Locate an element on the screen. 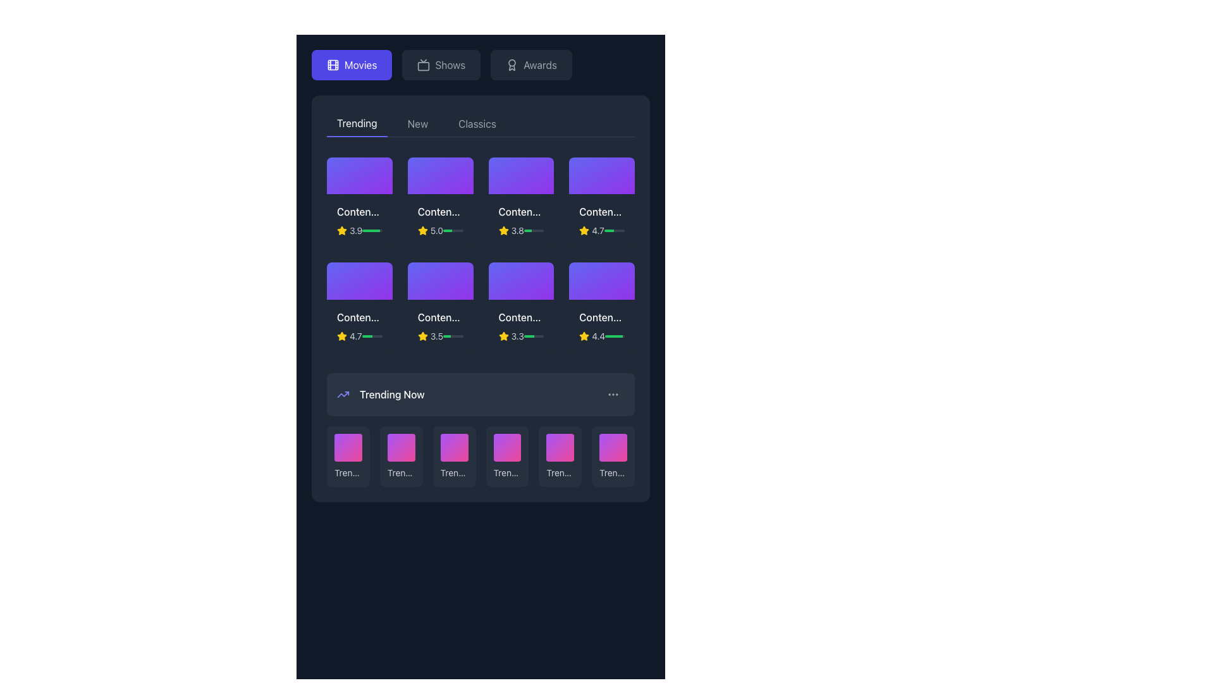  the Card Component located in the fourth column of the top row under the 'Trending' tab is located at coordinates (601, 220).